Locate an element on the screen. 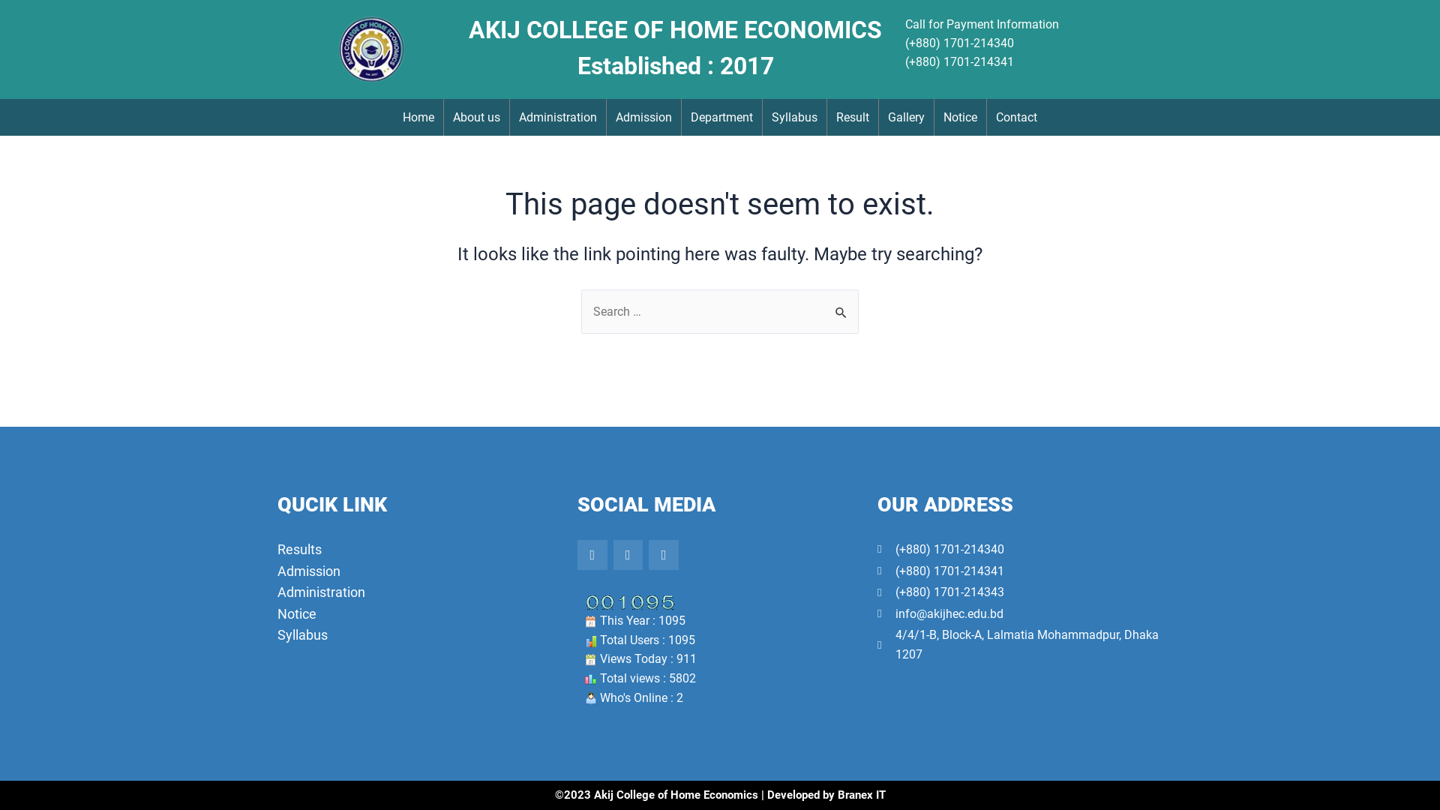 This screenshot has height=810, width=1440. 'Department' is located at coordinates (721, 116).